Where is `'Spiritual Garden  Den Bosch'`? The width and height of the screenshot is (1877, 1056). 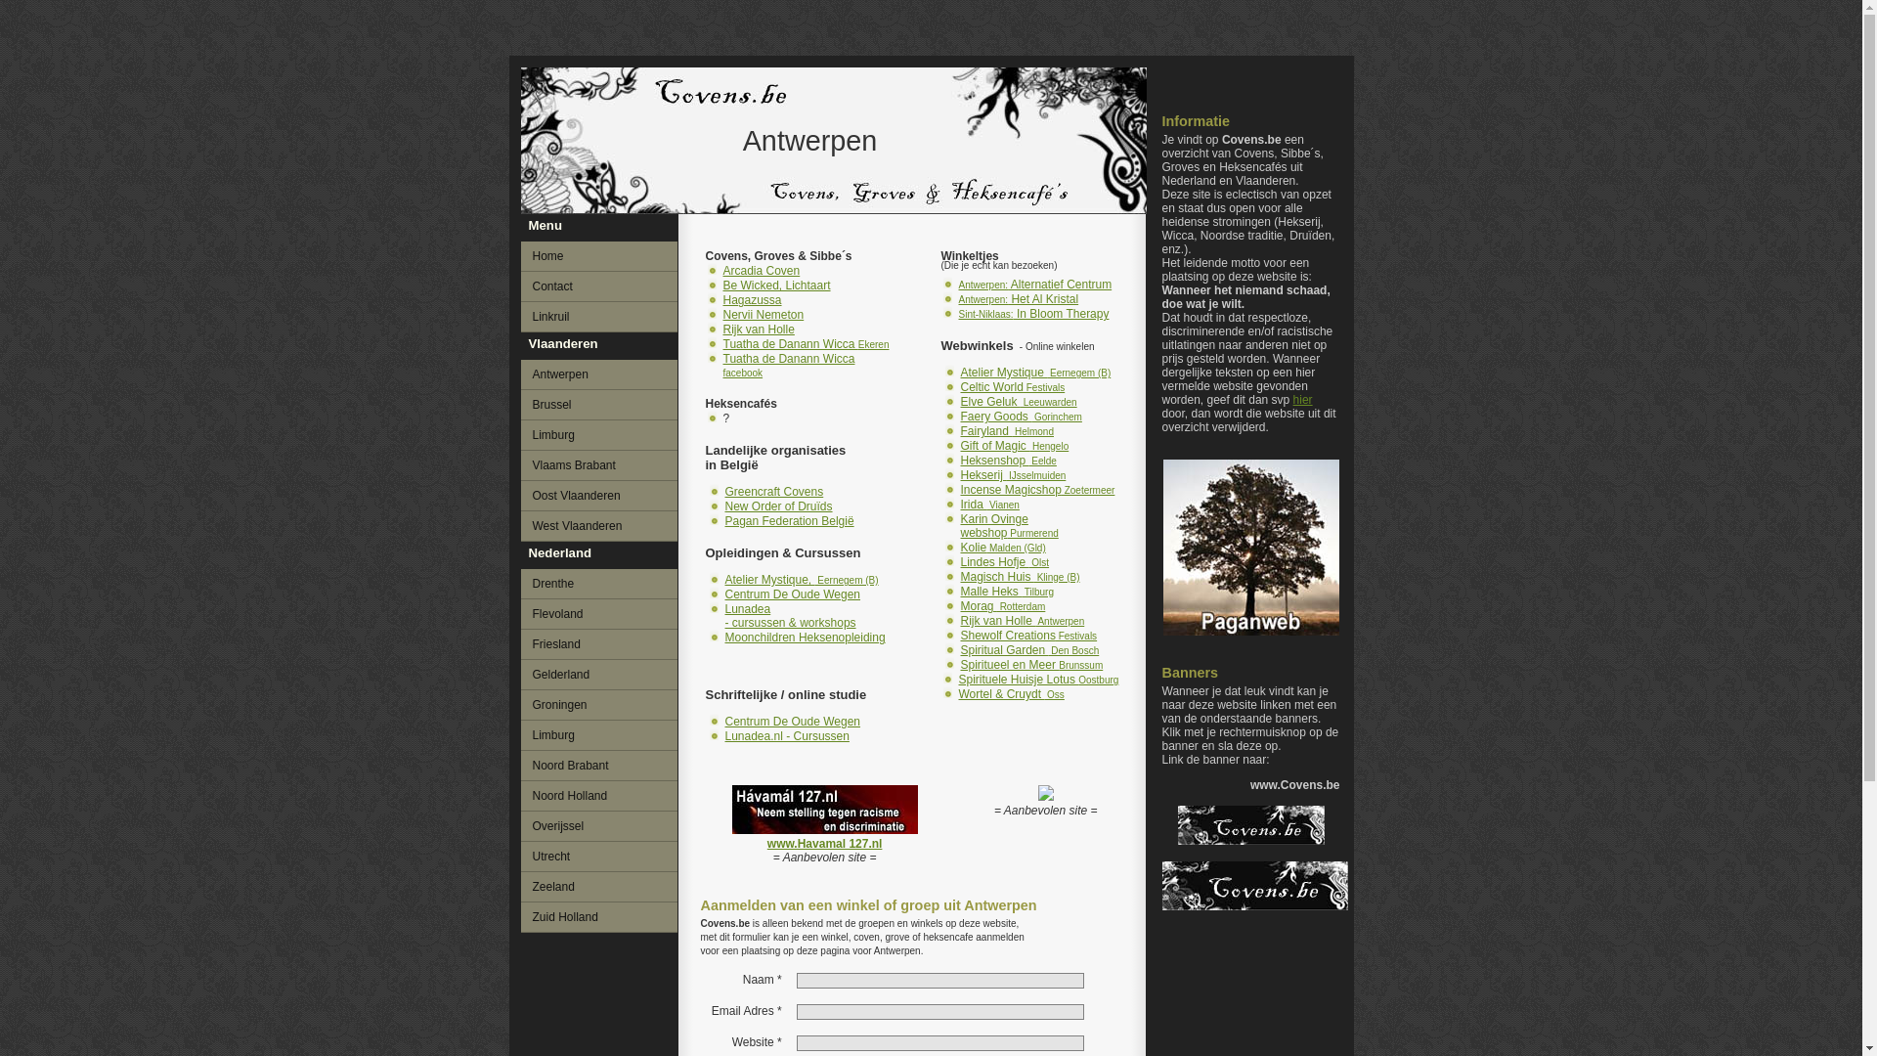
'Spiritual Garden  Den Bosch' is located at coordinates (1027, 649).